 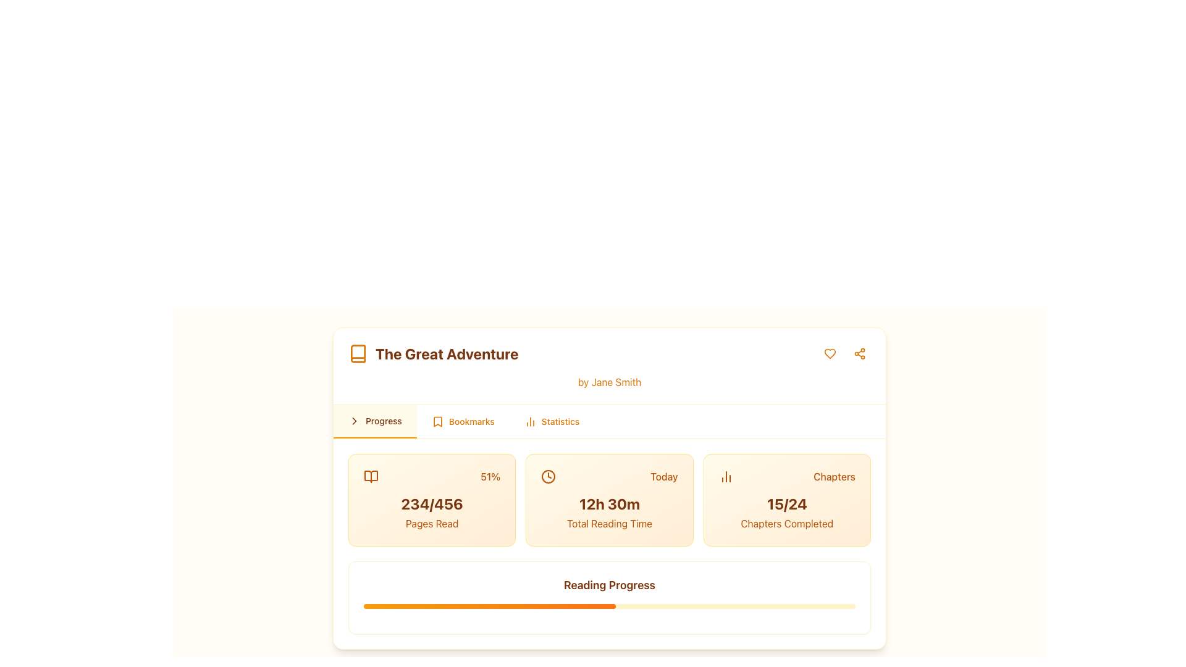 I want to click on the Progress display component which shows 'Reading Progress' in bold amber text and includes an interactive progress bar underneath, so click(x=610, y=597).